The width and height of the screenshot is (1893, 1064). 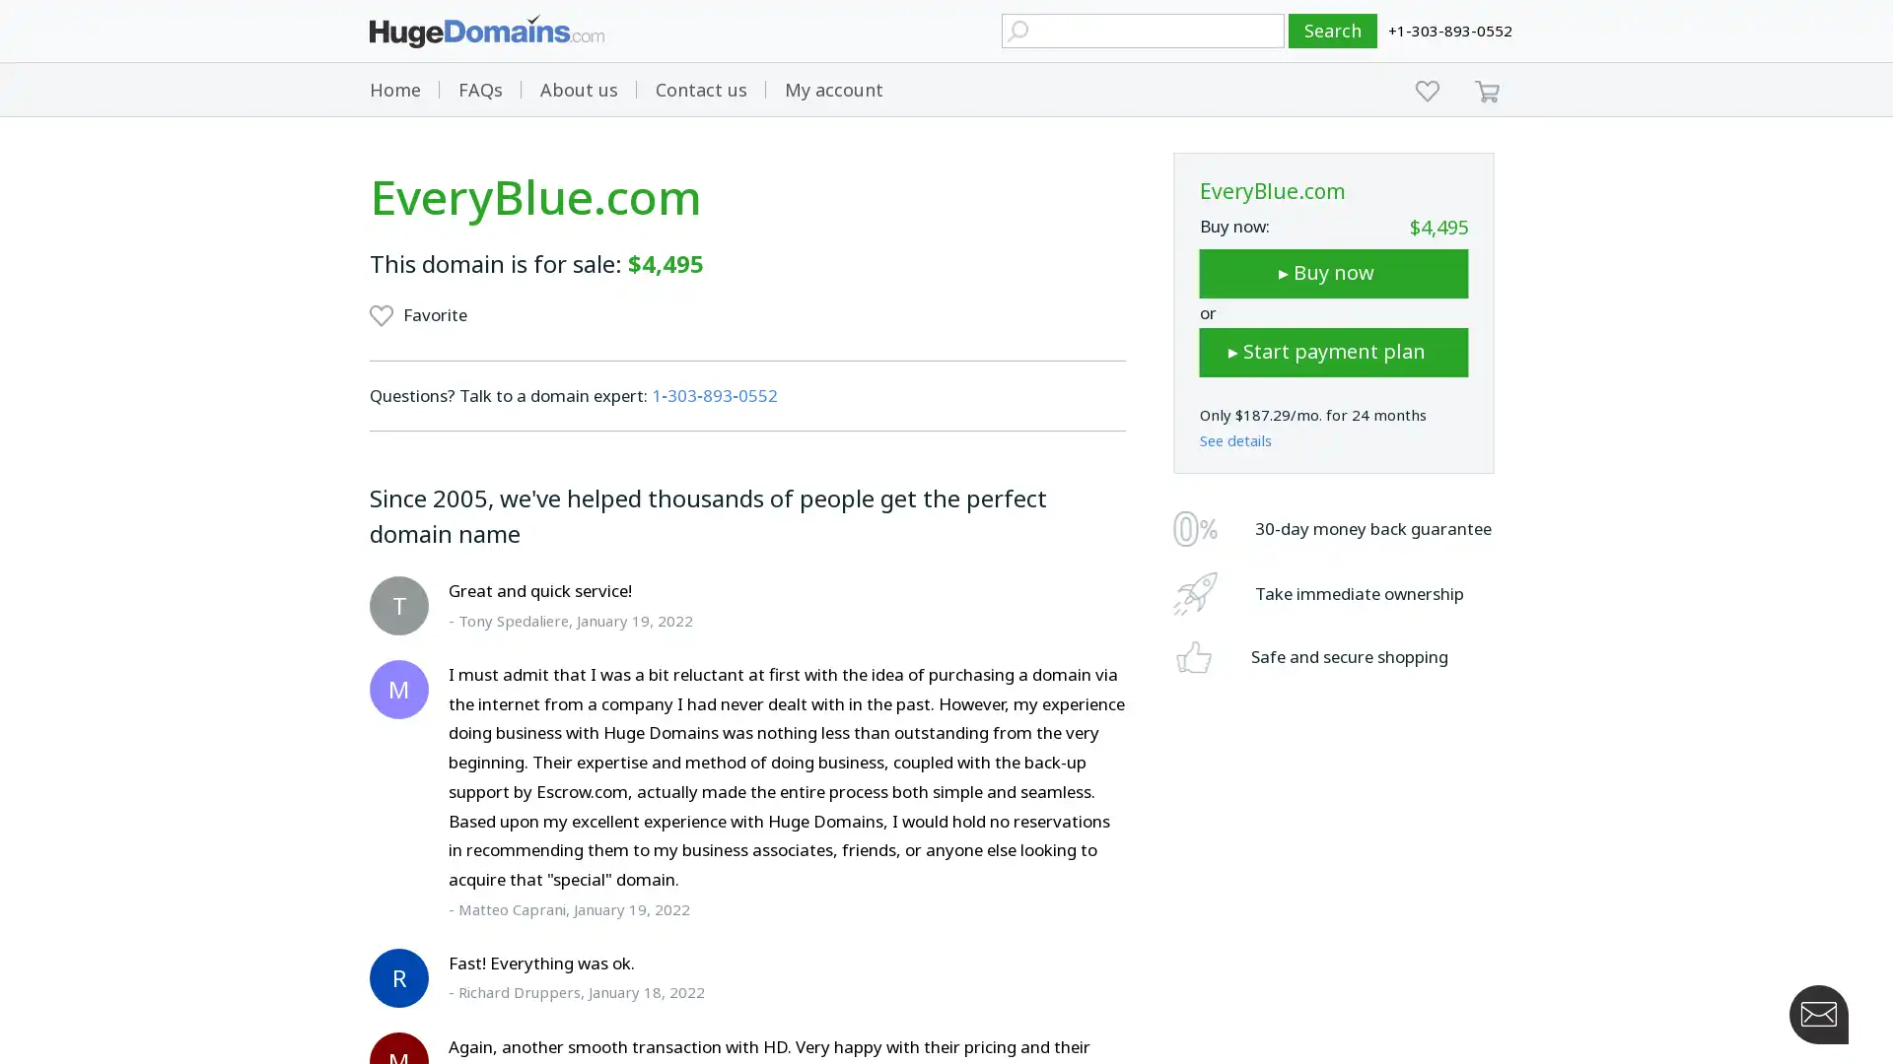 I want to click on Search, so click(x=1333, y=31).